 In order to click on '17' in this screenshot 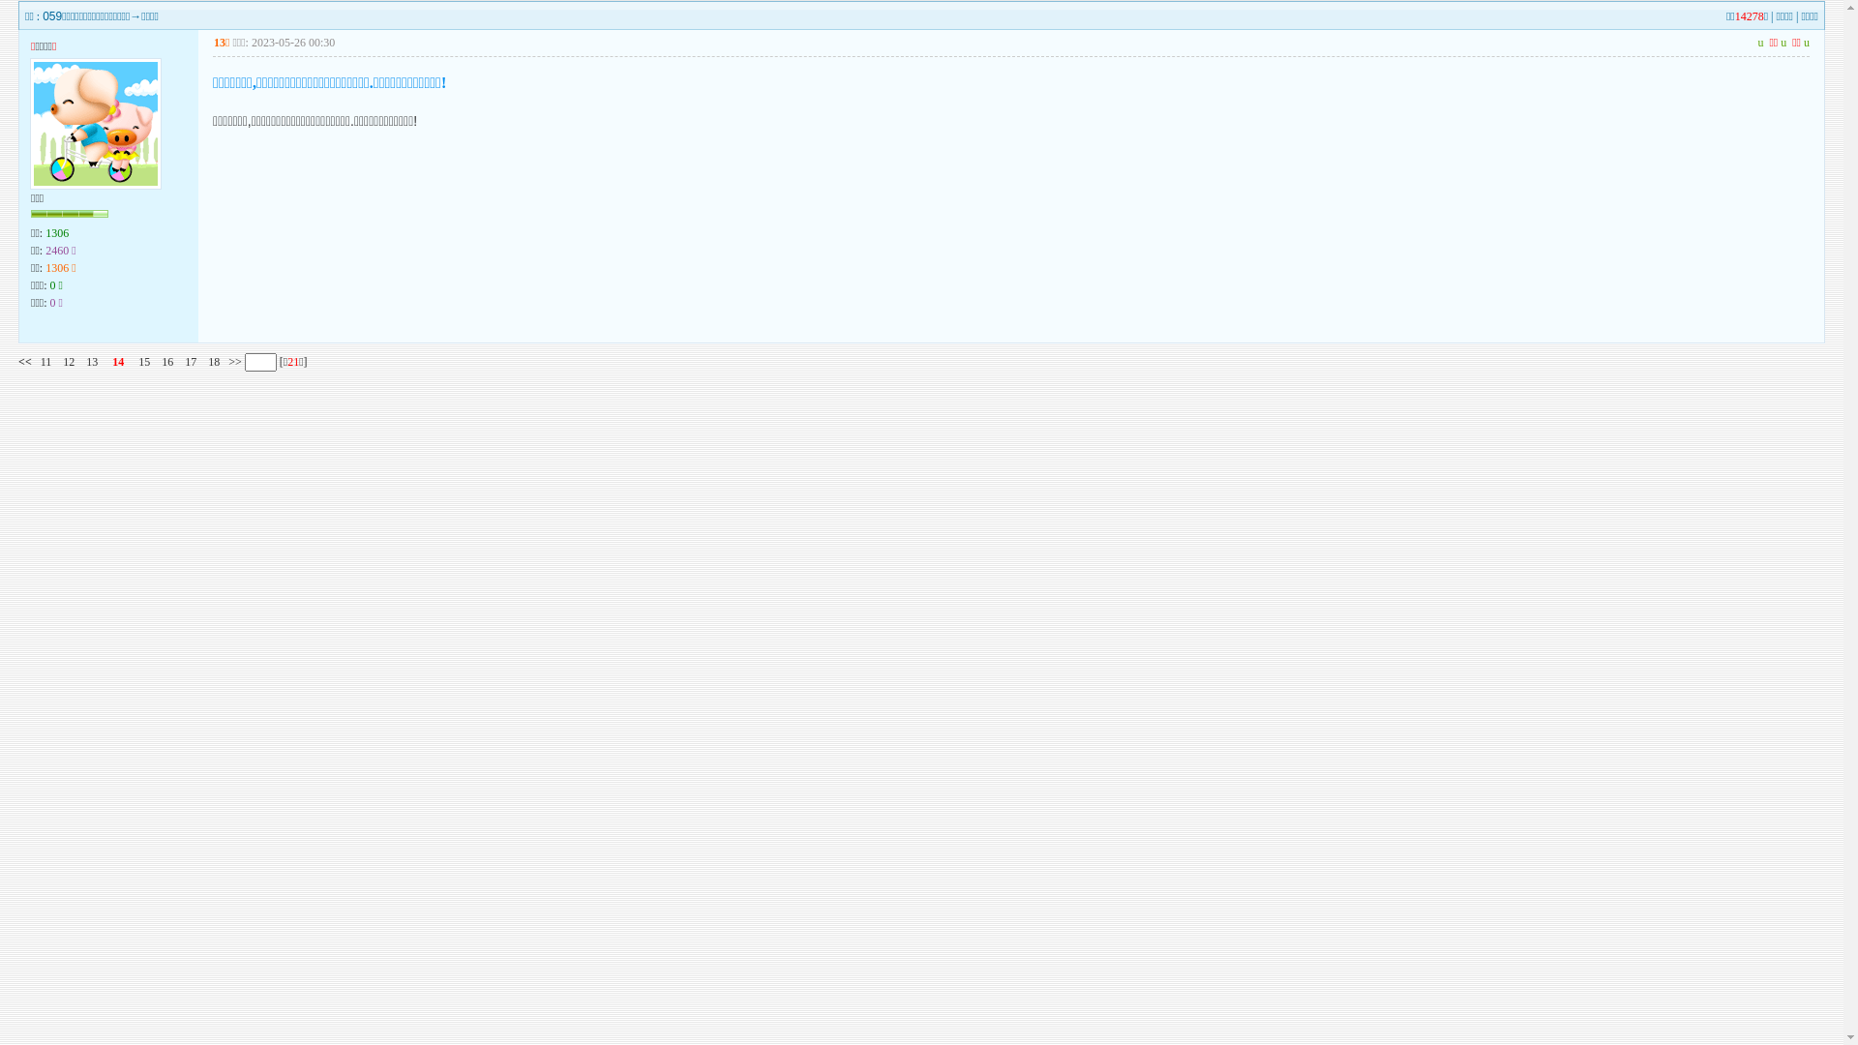, I will do `click(190, 362)`.